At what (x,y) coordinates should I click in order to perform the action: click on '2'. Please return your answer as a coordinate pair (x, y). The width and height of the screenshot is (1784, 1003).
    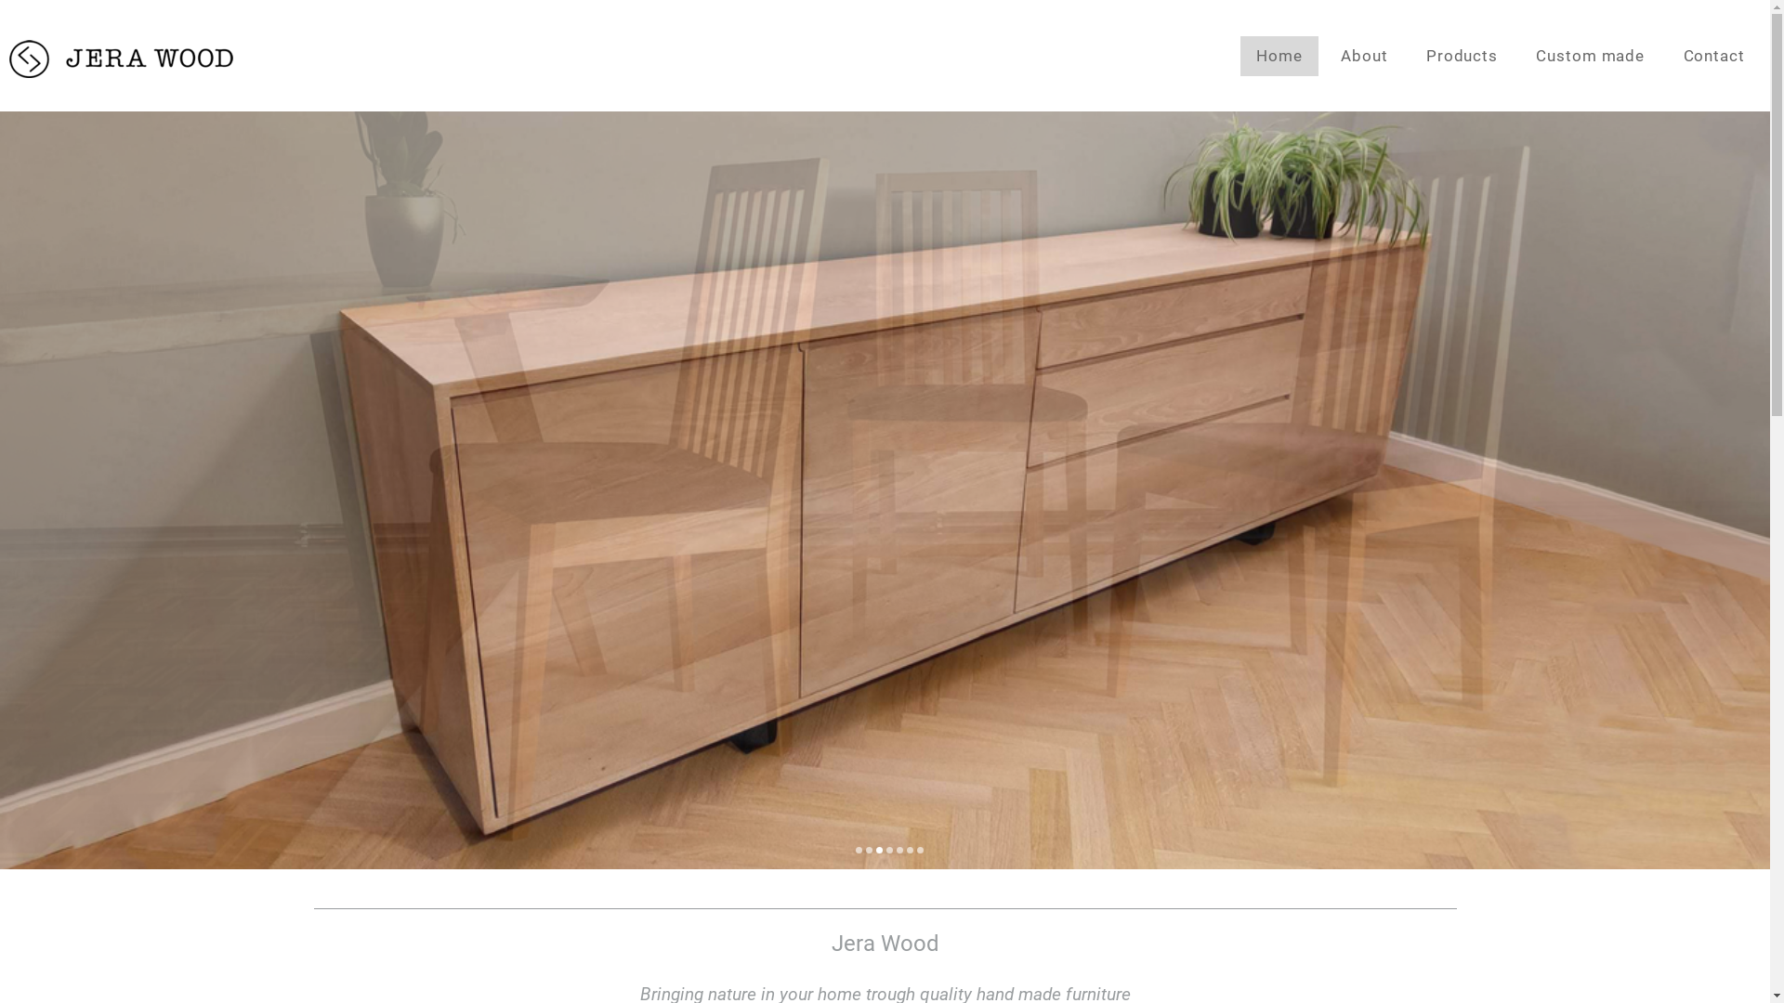
    Looking at the image, I should click on (868, 851).